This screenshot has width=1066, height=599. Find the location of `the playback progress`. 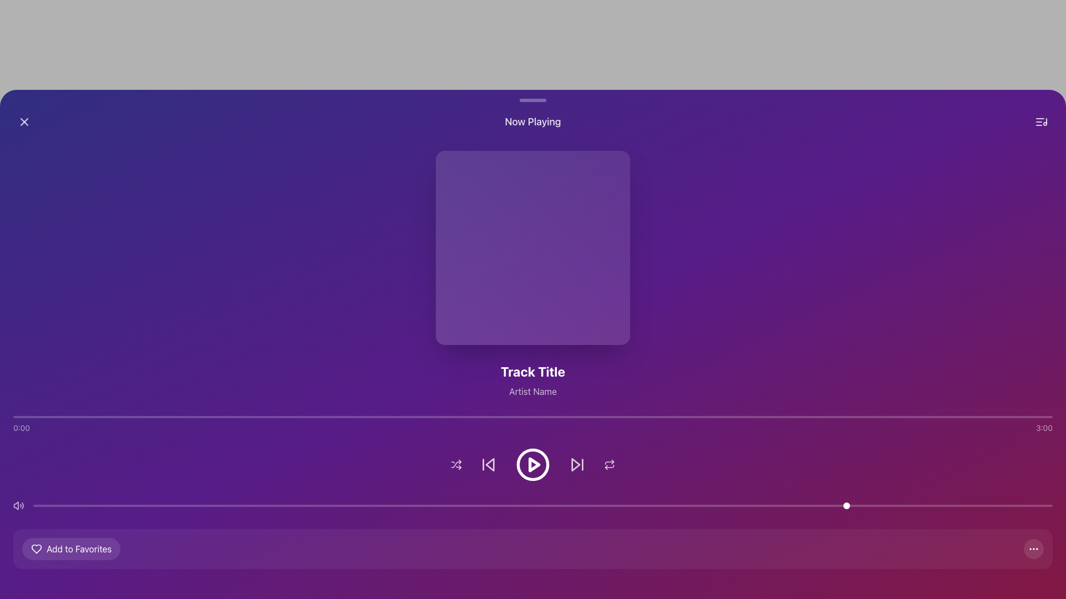

the playback progress is located at coordinates (688, 417).